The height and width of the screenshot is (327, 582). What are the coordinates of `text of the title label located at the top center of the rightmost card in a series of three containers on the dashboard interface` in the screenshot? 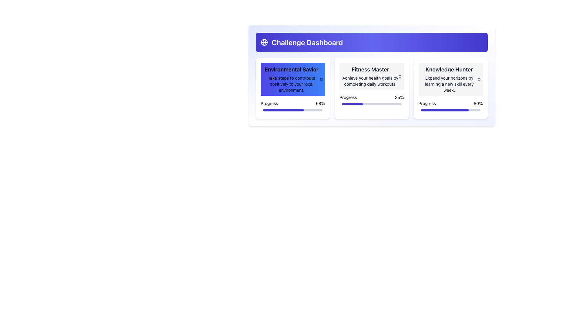 It's located at (449, 70).